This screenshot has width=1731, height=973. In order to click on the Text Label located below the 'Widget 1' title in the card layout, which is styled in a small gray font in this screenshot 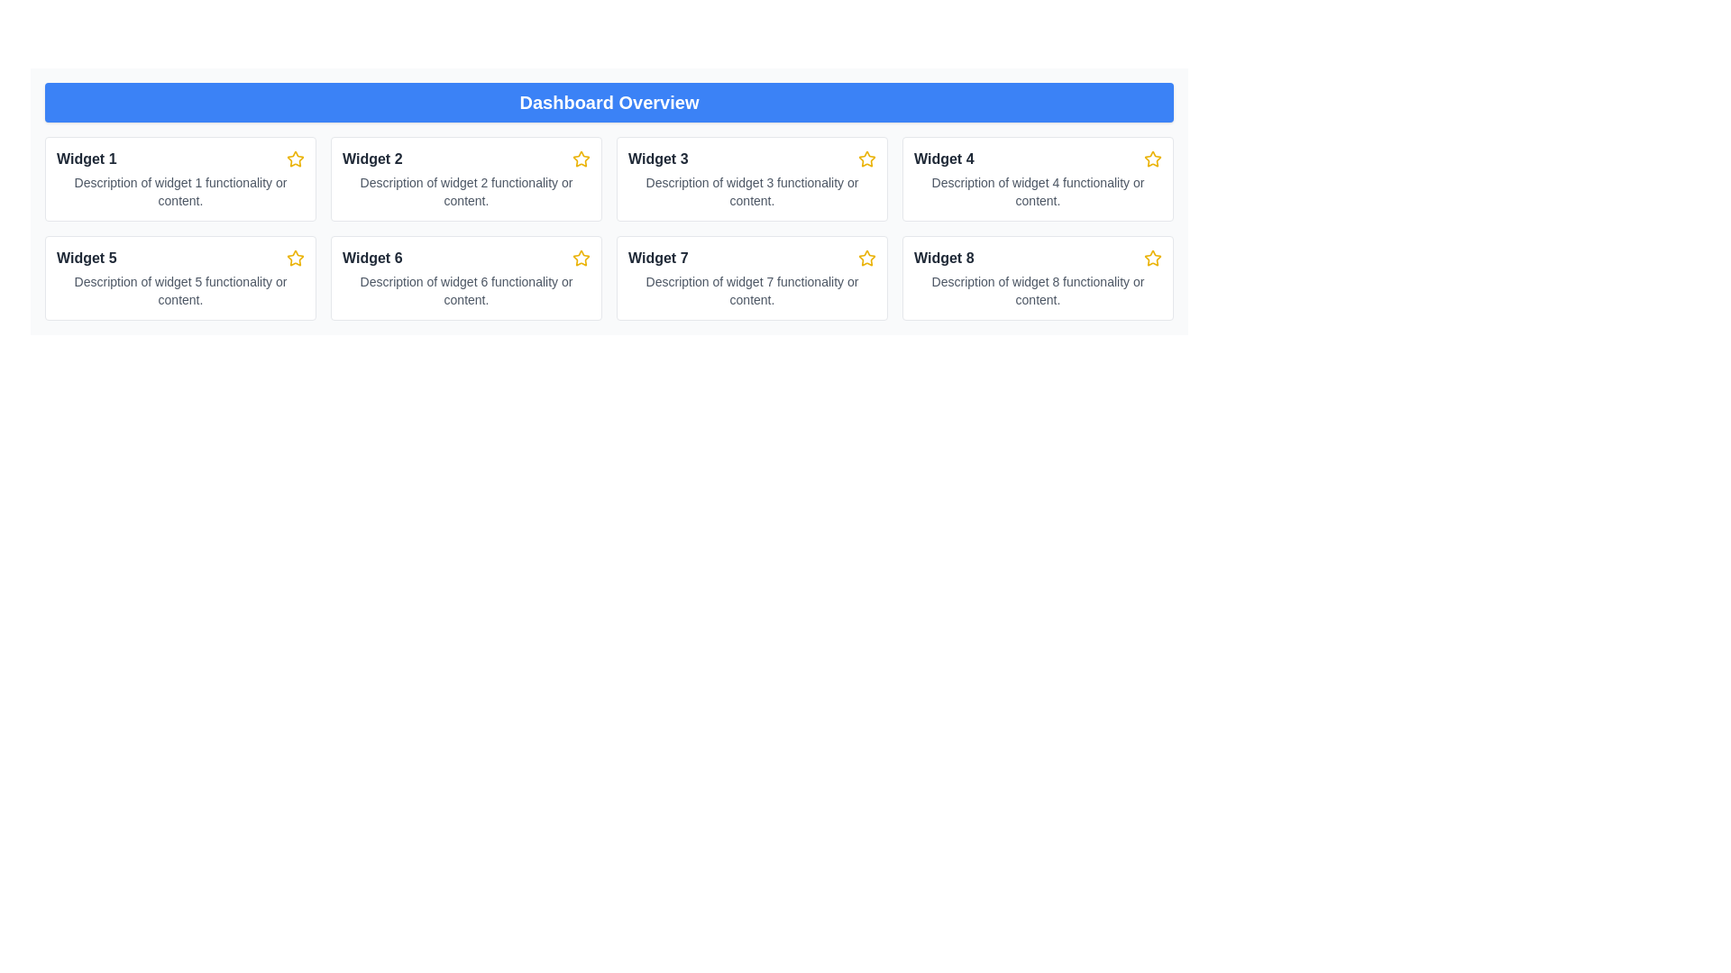, I will do `click(180, 191)`.